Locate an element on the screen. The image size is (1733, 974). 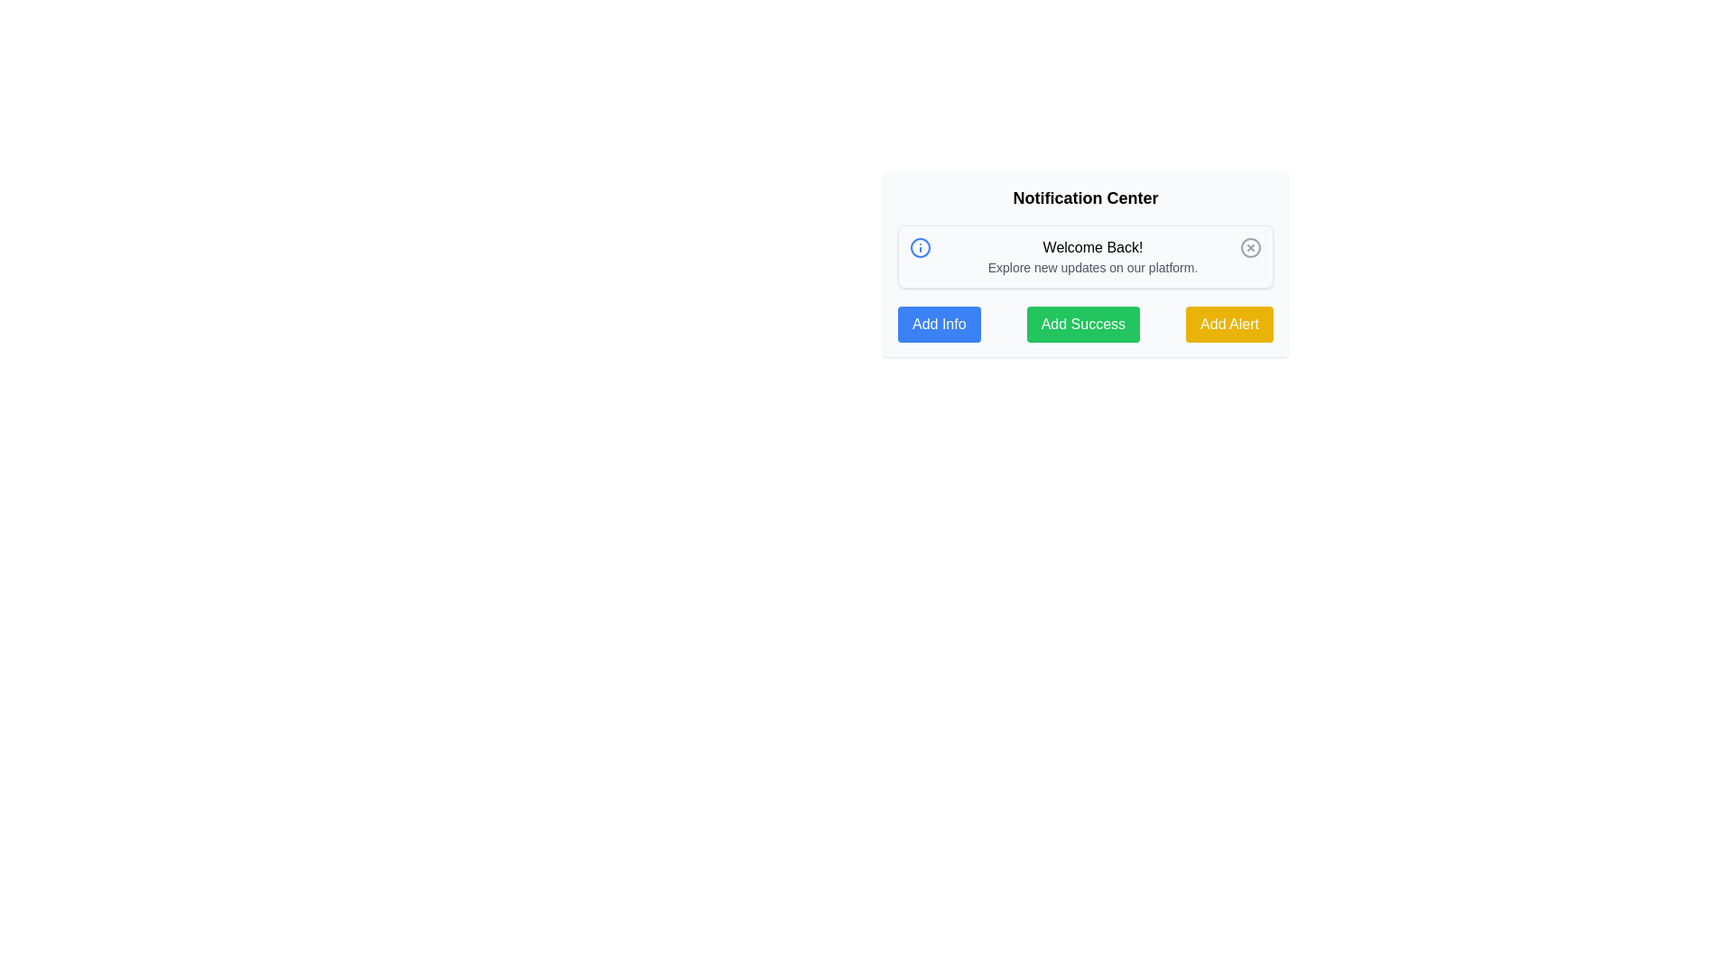
the middle button under the 'Notification Center' section is located at coordinates (1085, 323).